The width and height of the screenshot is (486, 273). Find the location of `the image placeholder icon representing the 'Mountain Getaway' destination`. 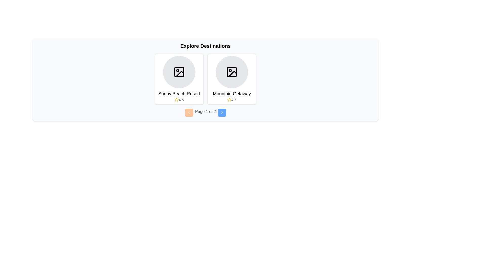

the image placeholder icon representing the 'Mountain Getaway' destination is located at coordinates (232, 72).